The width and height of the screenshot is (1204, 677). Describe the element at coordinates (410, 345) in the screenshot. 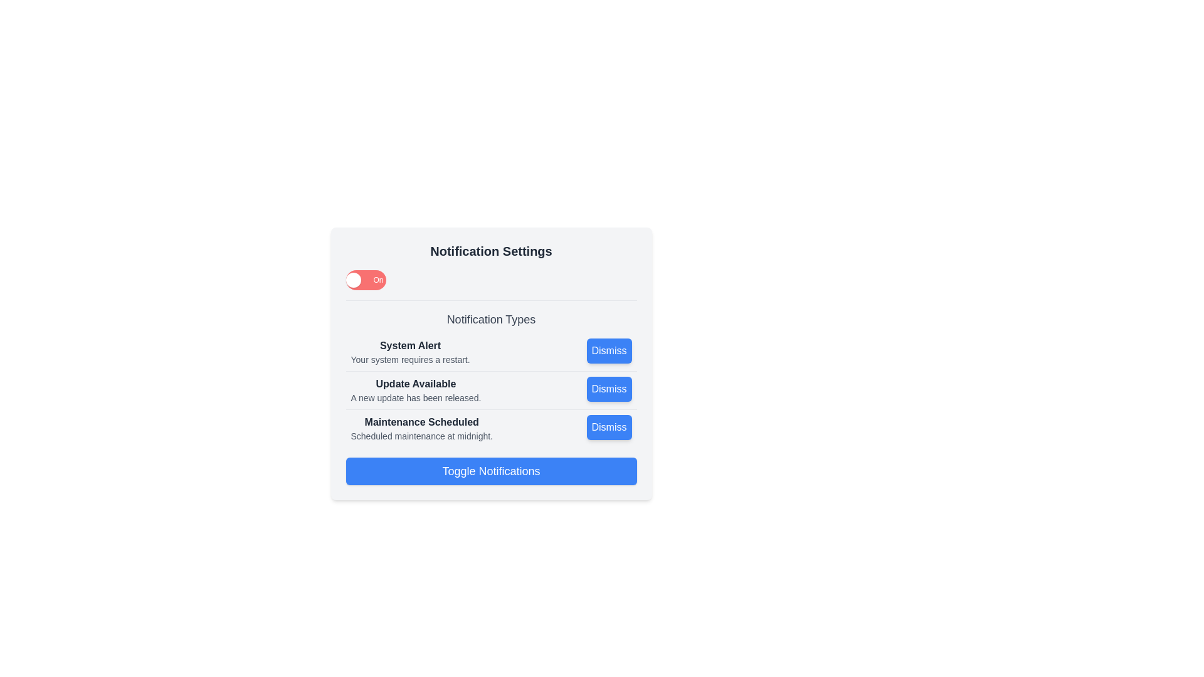

I see `text content of the notification title label located on the left side of the notification section, above the text 'Your system requires a restart.'` at that location.